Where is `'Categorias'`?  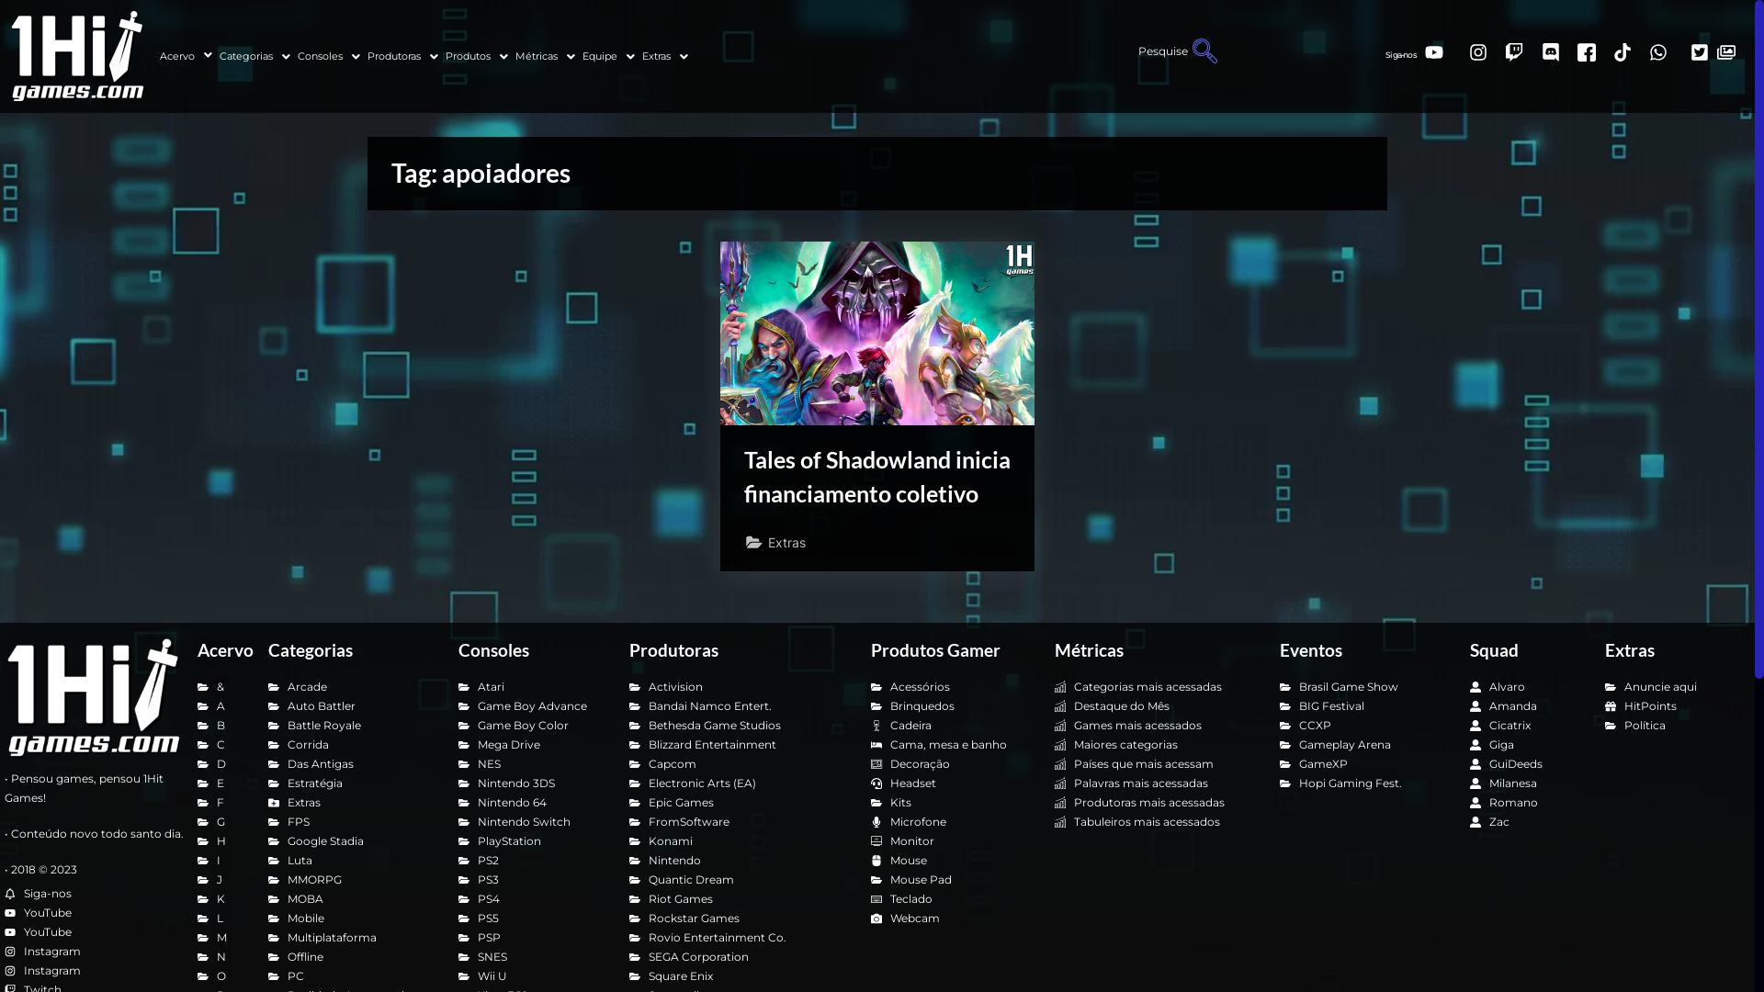
'Categorias' is located at coordinates (310, 648).